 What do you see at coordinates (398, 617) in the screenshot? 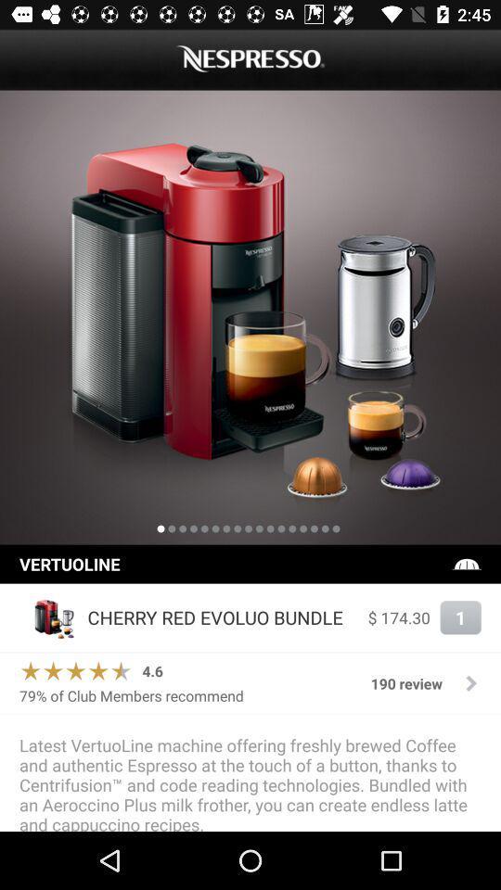
I see `the $ 174.30` at bounding box center [398, 617].